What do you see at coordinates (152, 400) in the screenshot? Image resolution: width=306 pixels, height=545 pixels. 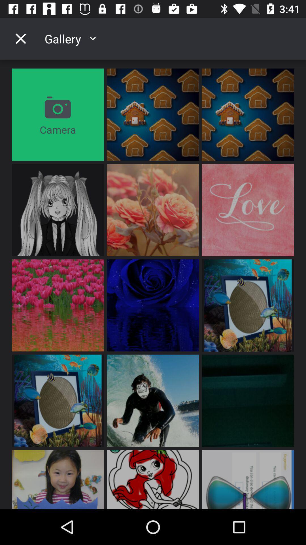 I see `the second image in the fourth vertical of the page` at bounding box center [152, 400].